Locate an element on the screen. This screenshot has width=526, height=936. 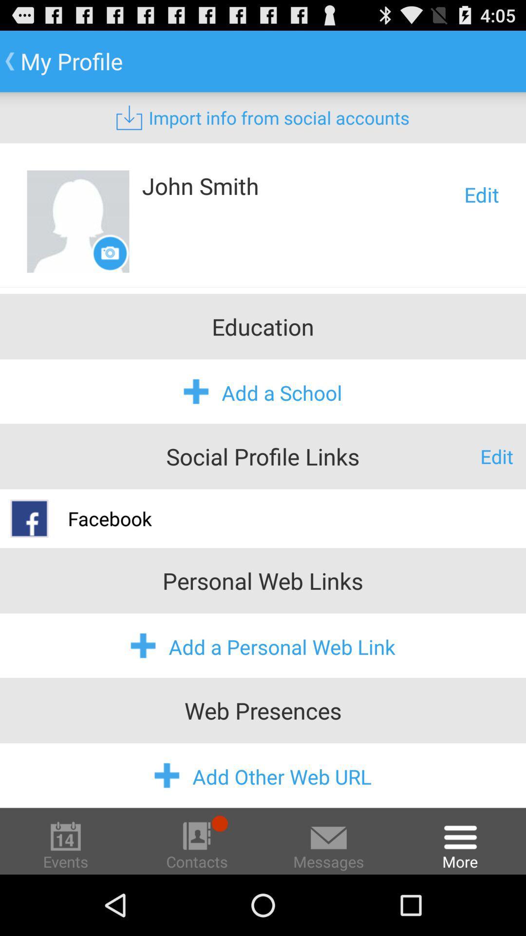
the option right to the messages options is located at coordinates (460, 844).